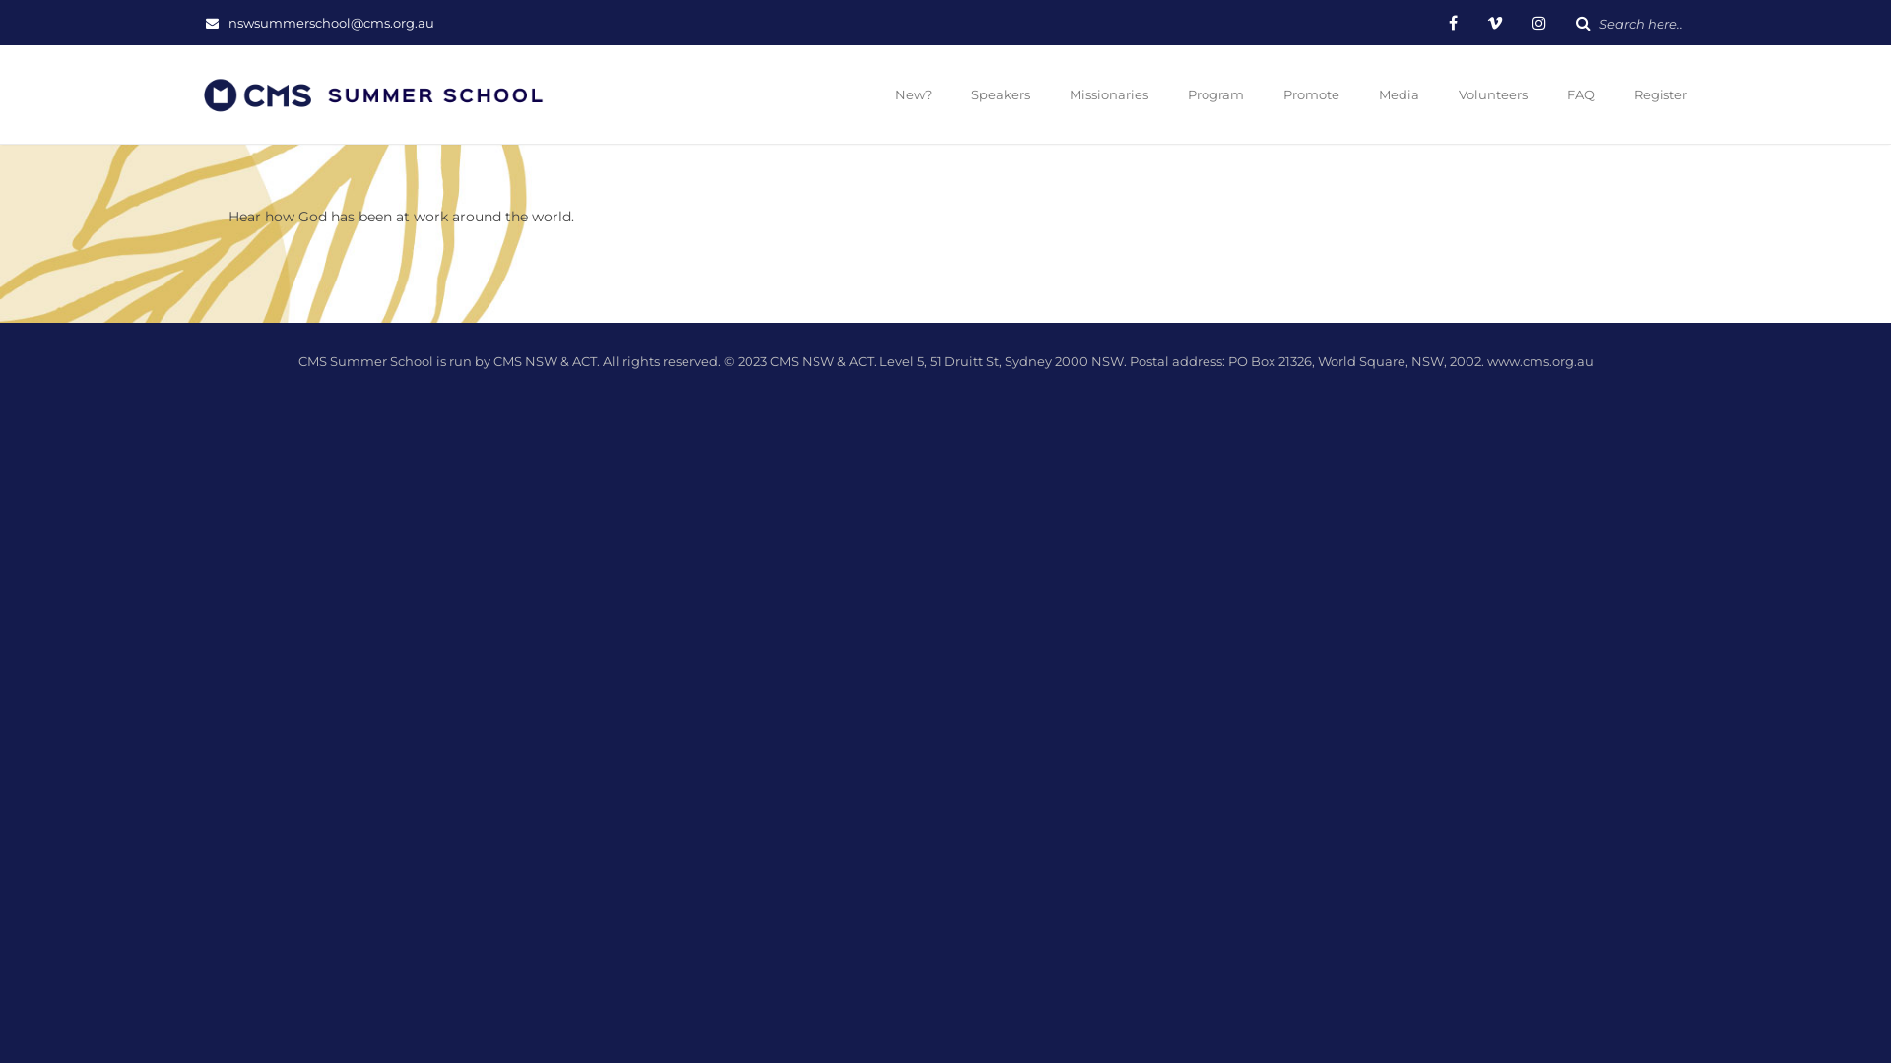  What do you see at coordinates (1657, 94) in the screenshot?
I see `'Register'` at bounding box center [1657, 94].